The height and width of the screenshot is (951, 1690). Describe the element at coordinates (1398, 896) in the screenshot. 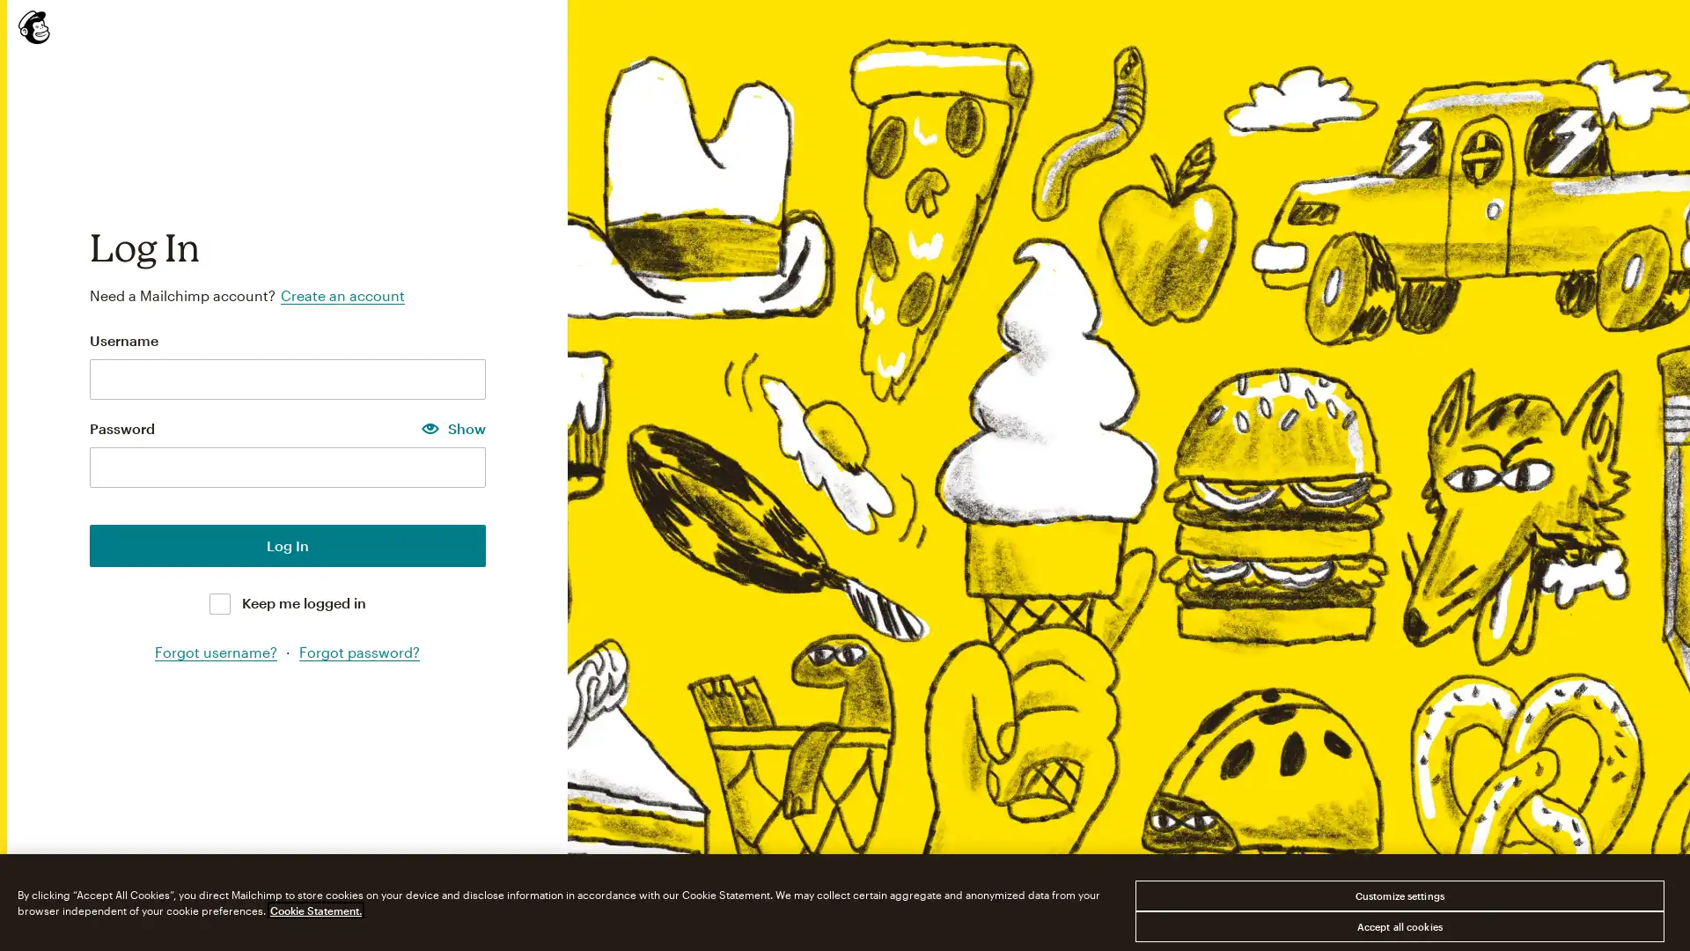

I see `Customize settings` at that location.